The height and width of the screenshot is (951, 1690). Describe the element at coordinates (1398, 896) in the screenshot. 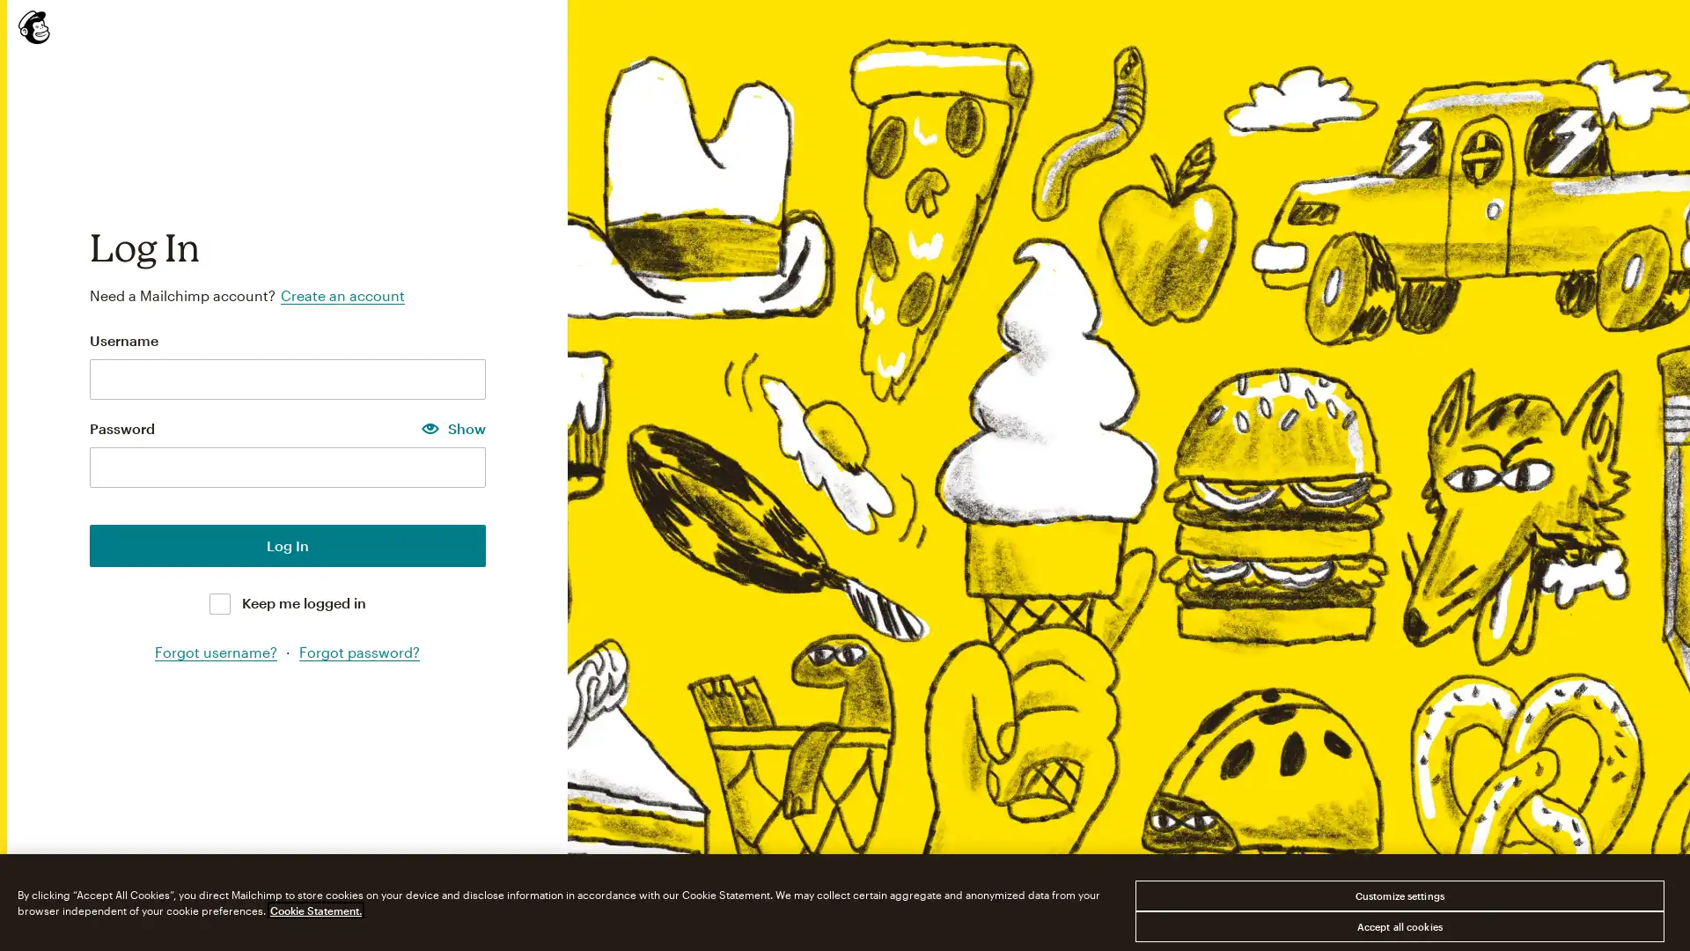

I see `Customize settings` at that location.